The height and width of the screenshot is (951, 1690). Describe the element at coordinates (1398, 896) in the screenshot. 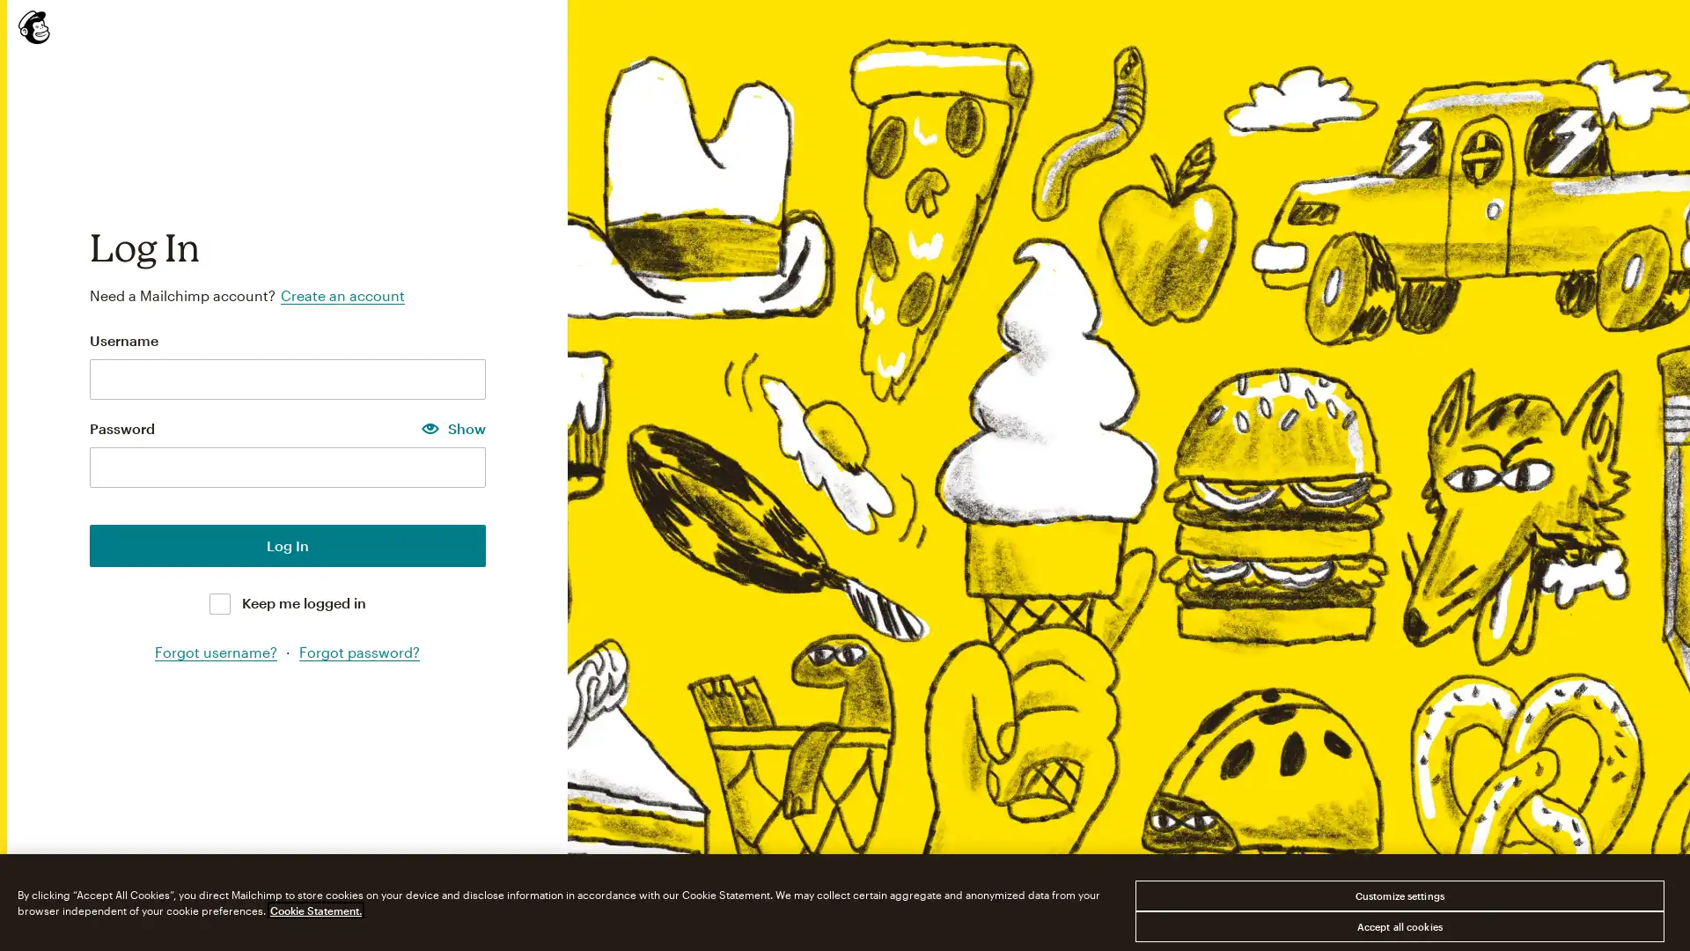

I see `Customize settings` at that location.